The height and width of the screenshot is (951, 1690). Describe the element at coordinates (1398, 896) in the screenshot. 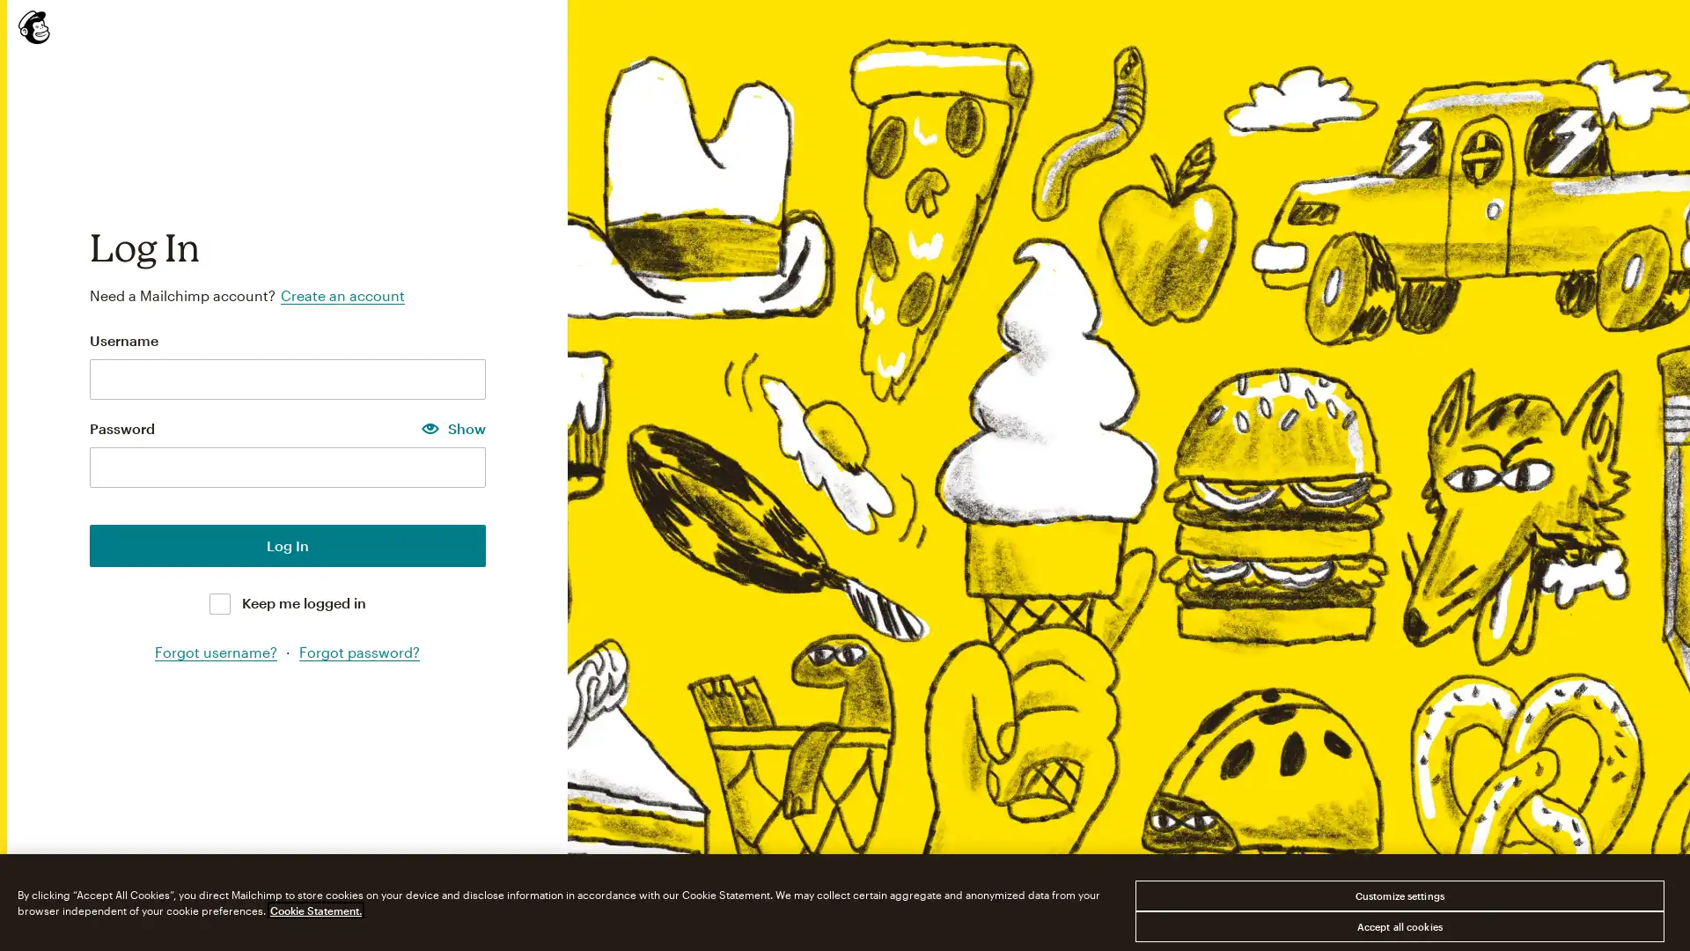

I see `Customize settings` at that location.